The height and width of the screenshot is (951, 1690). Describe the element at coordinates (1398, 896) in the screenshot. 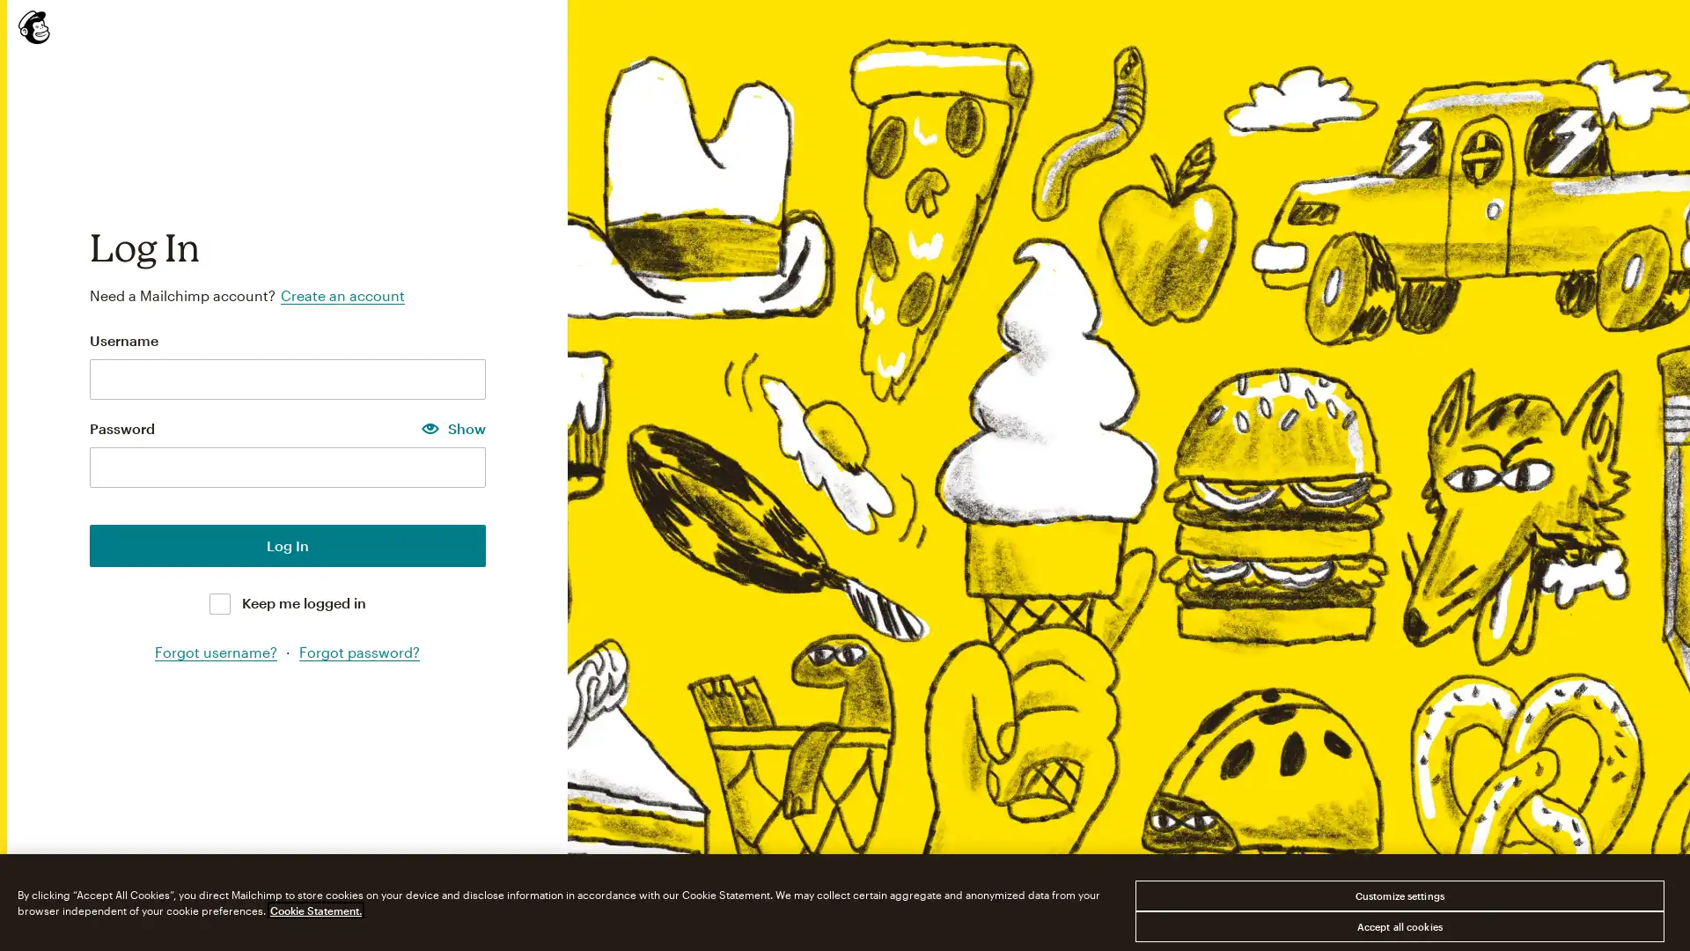

I see `Customize settings` at that location.